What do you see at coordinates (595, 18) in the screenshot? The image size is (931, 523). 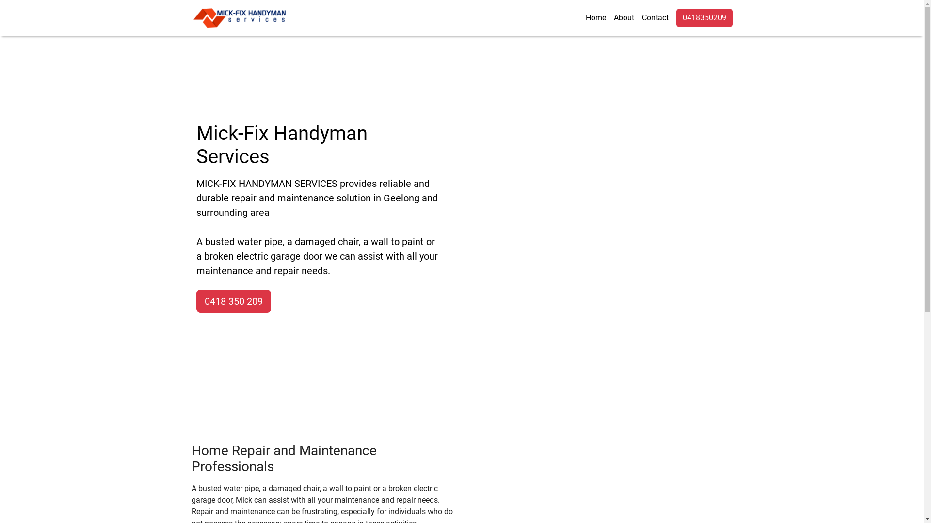 I see `'Home'` at bounding box center [595, 18].